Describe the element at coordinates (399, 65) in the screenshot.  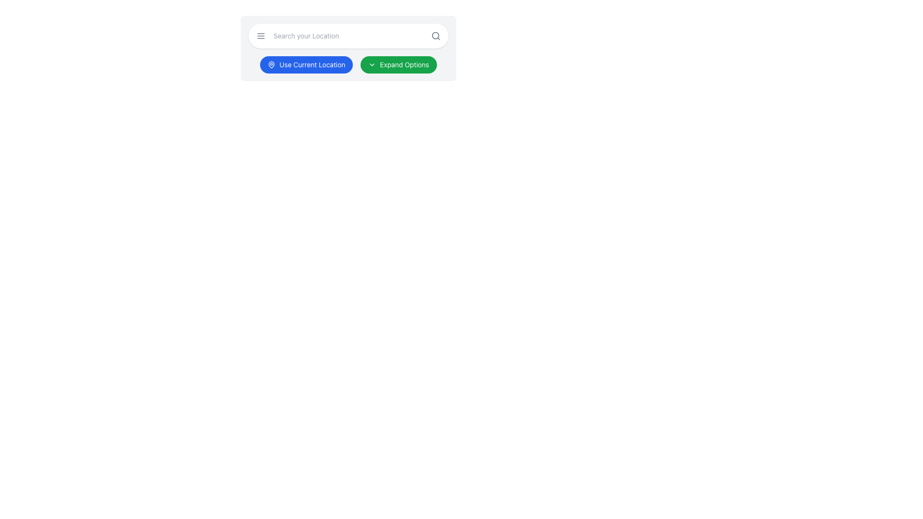
I see `the green 'Expand Options' button with a downward chevron icon` at that location.